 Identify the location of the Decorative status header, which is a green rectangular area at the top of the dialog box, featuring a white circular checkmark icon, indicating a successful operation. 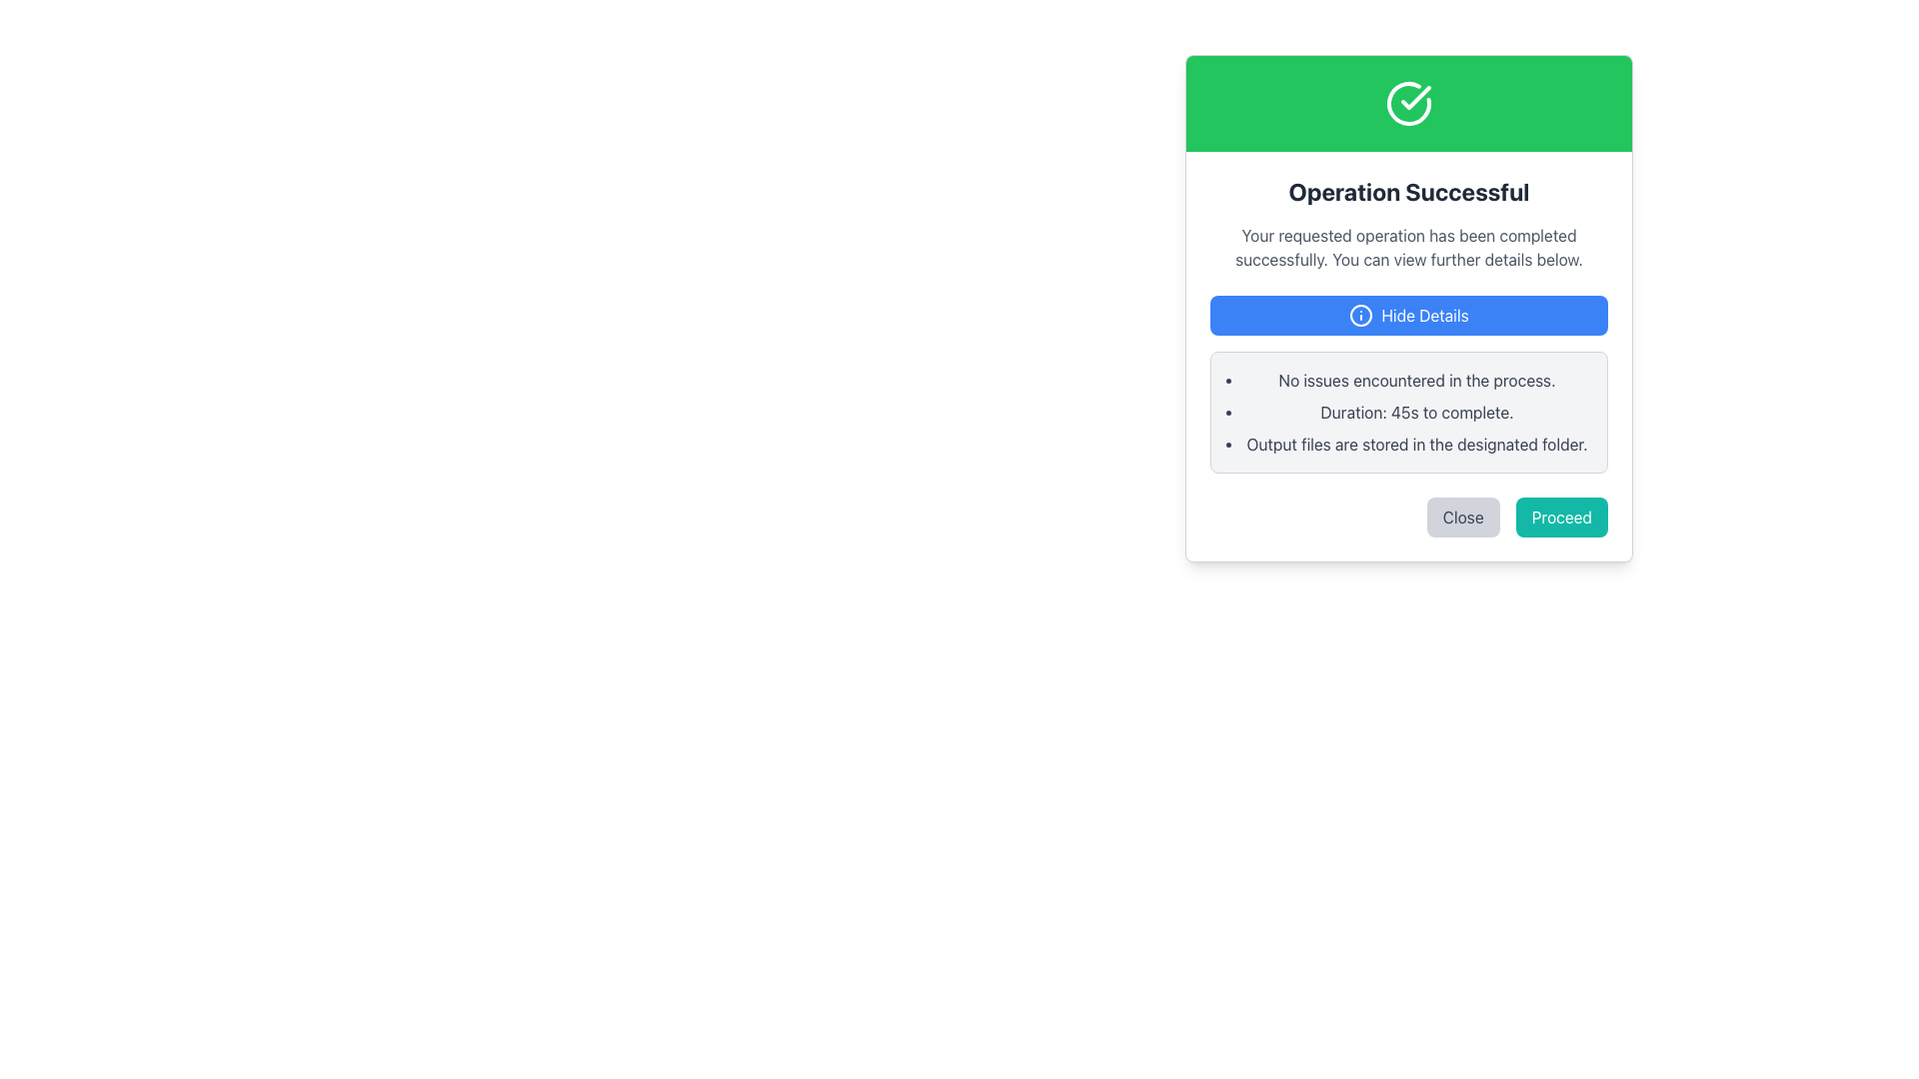
(1408, 104).